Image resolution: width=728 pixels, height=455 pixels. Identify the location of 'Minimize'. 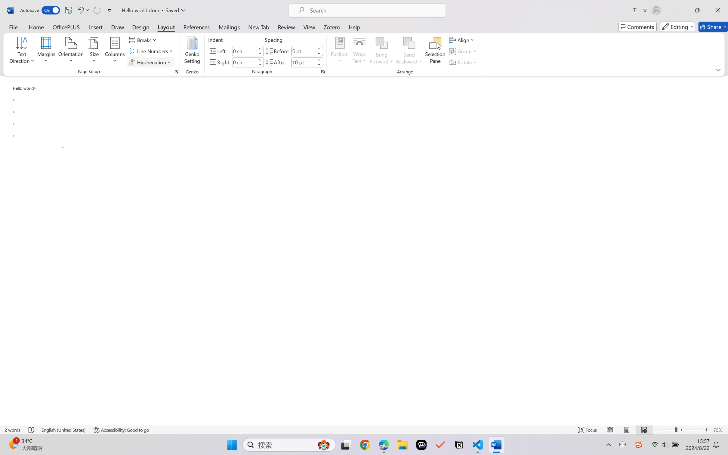
(677, 10).